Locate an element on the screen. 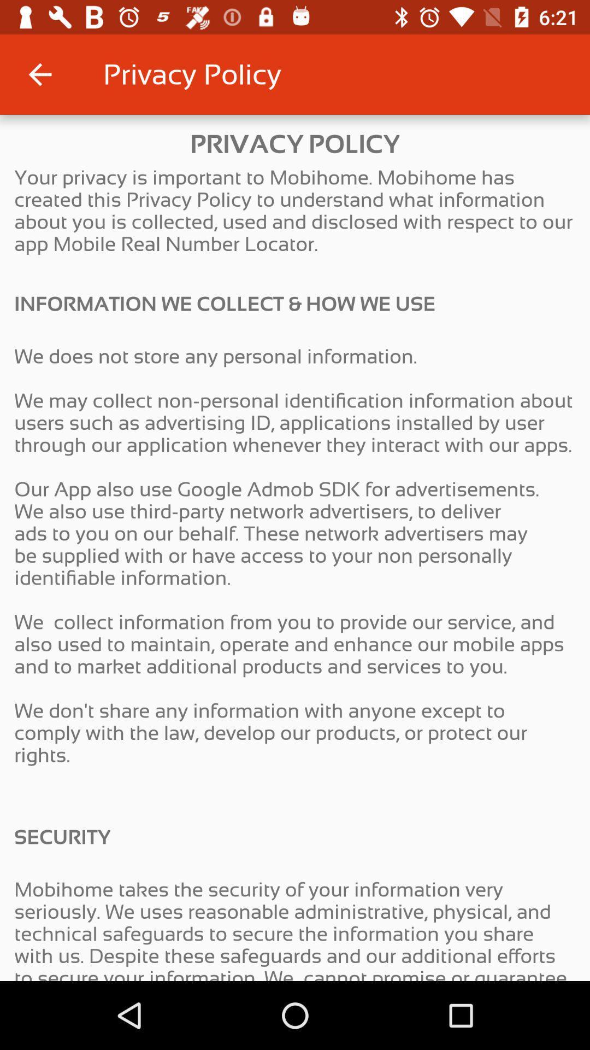 The width and height of the screenshot is (590, 1050). the item to the left of the privacy policy is located at coordinates (39, 74).